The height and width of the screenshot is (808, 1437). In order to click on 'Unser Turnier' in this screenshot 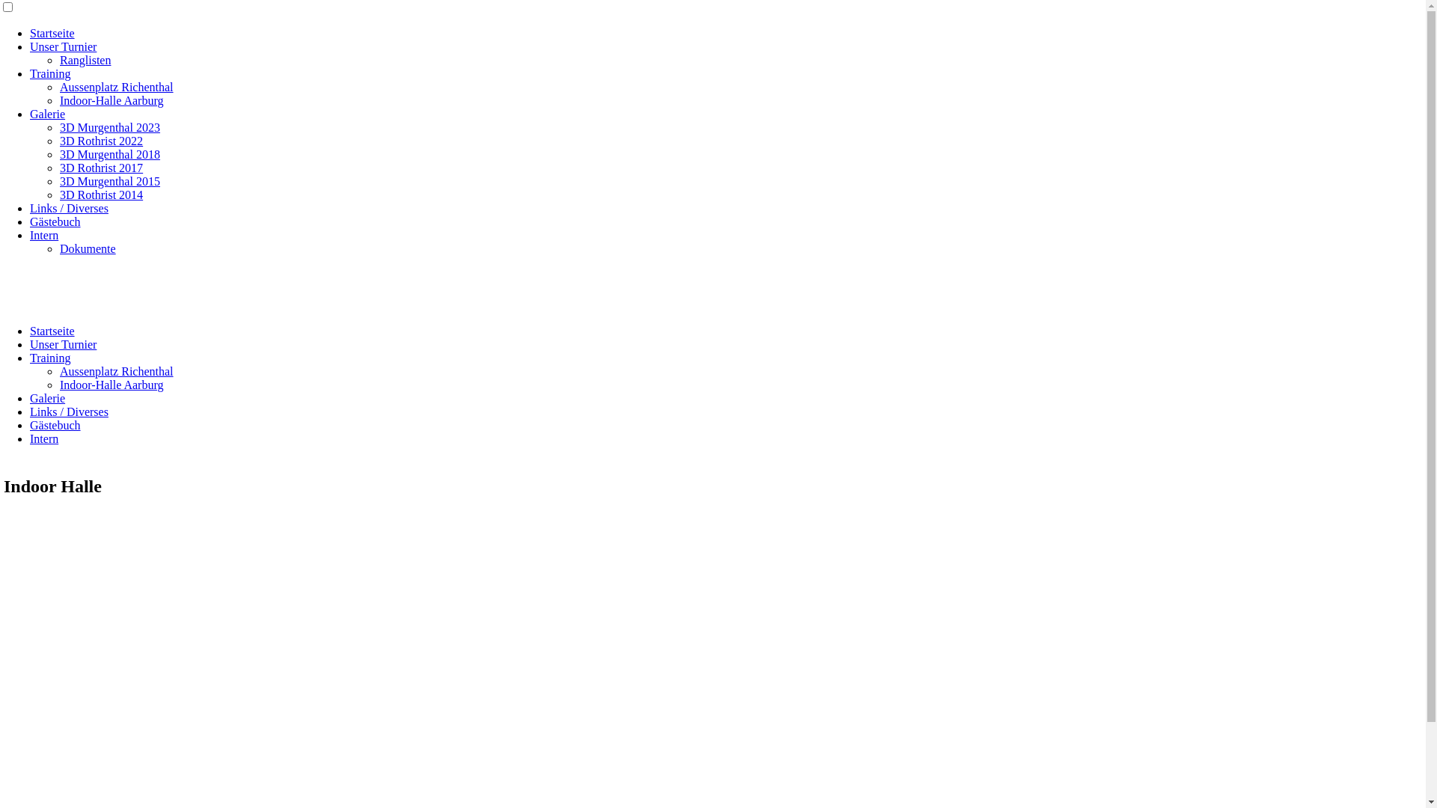, I will do `click(29, 344)`.